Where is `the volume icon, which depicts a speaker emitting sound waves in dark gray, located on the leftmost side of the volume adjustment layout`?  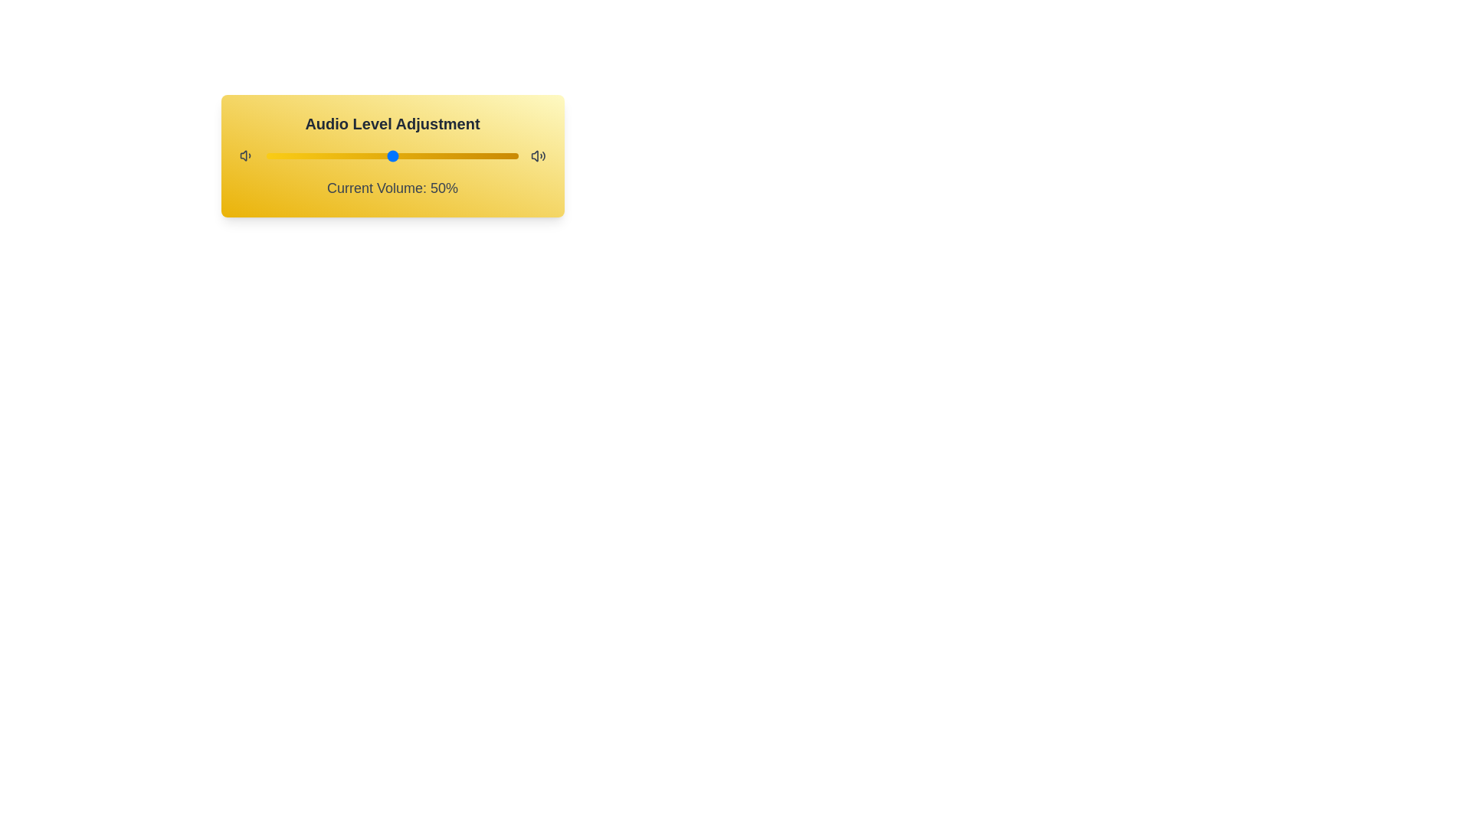 the volume icon, which depicts a speaker emitting sound waves in dark gray, located on the leftmost side of the volume adjustment layout is located at coordinates (247, 156).